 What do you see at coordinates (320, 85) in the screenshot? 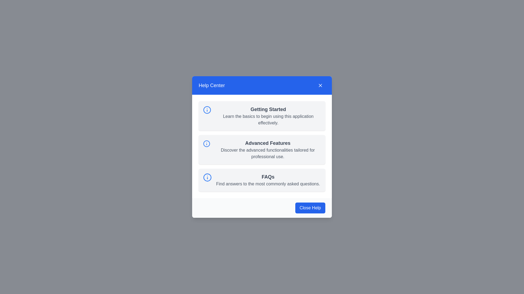
I see `the Close button, which is a small diagonal cross icon located in the top-right corner of the blue header bar in the Help Center dialog` at bounding box center [320, 85].